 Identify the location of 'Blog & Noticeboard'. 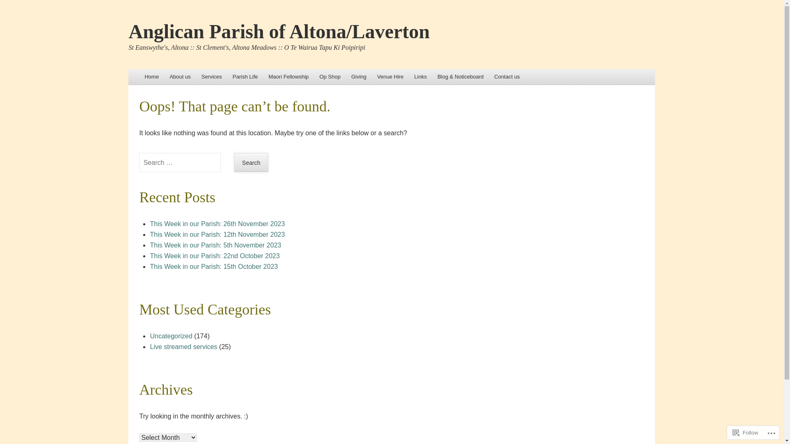
(460, 77).